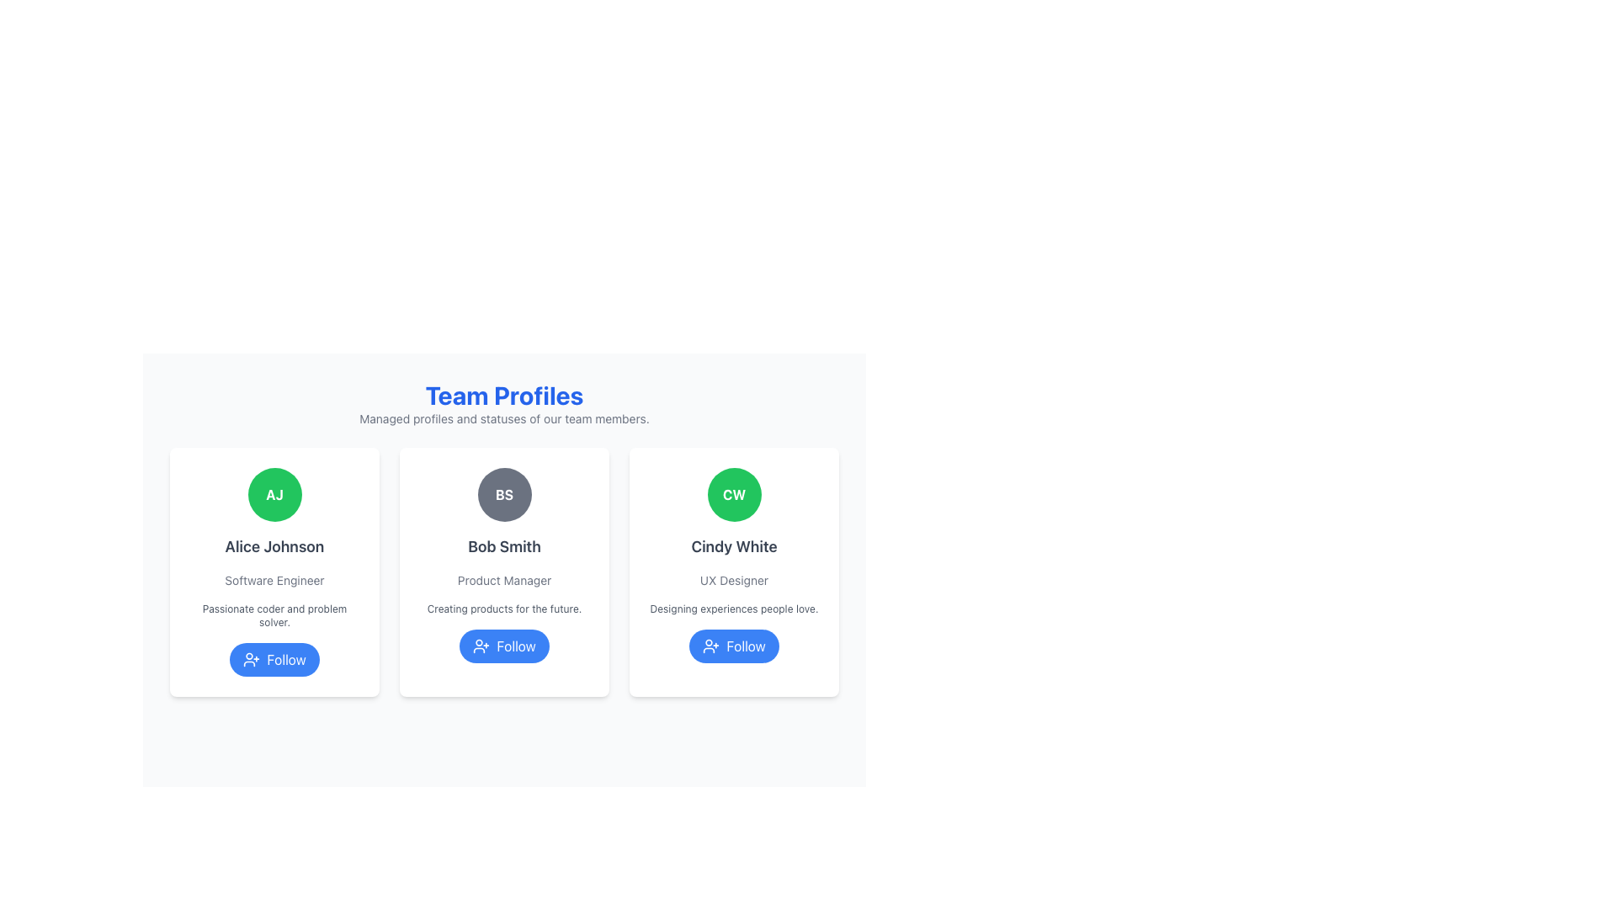 The height and width of the screenshot is (909, 1616). Describe the element at coordinates (503, 396) in the screenshot. I see `the main heading text label that summarizes the 'Team Profiles' section, which is centrally aligned and positioned above its sibling text` at that location.